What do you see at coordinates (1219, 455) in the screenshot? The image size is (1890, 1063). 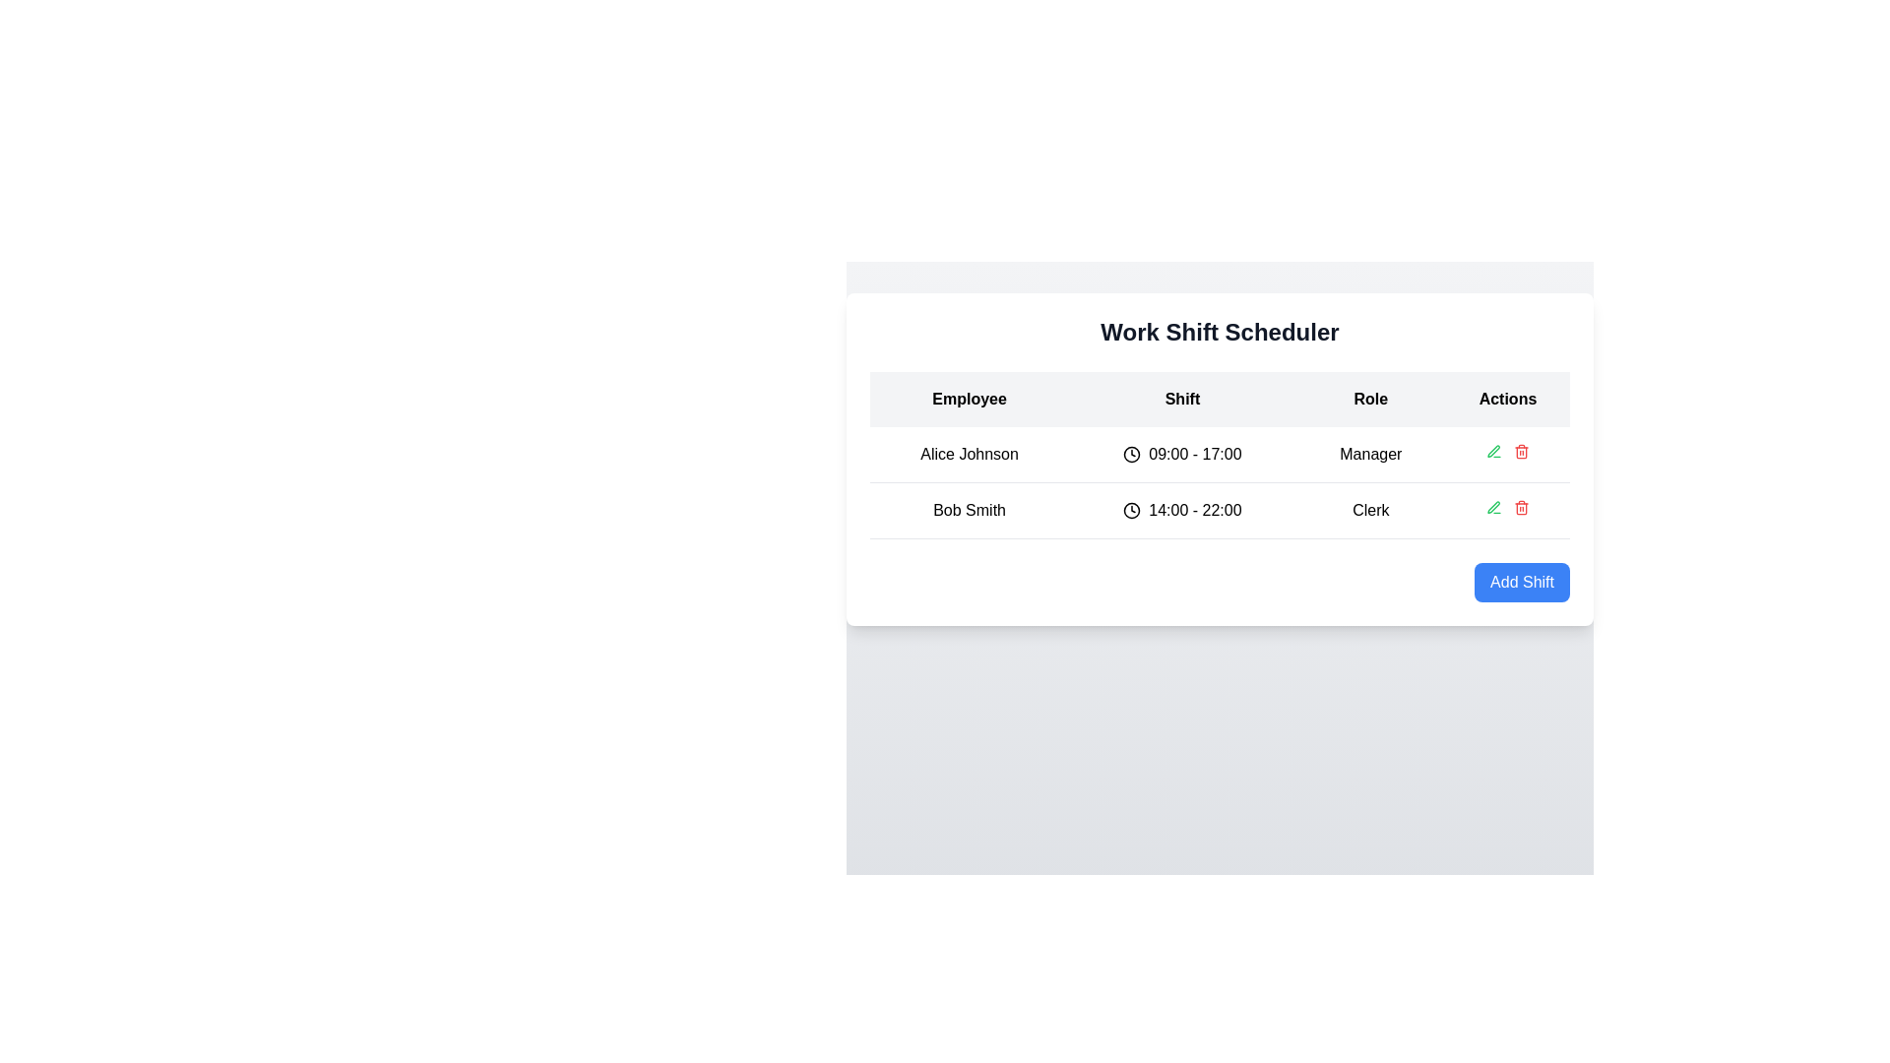 I see `individual cells or icons in the table displaying work shifts for employees by clicking on the respective cell` at bounding box center [1219, 455].